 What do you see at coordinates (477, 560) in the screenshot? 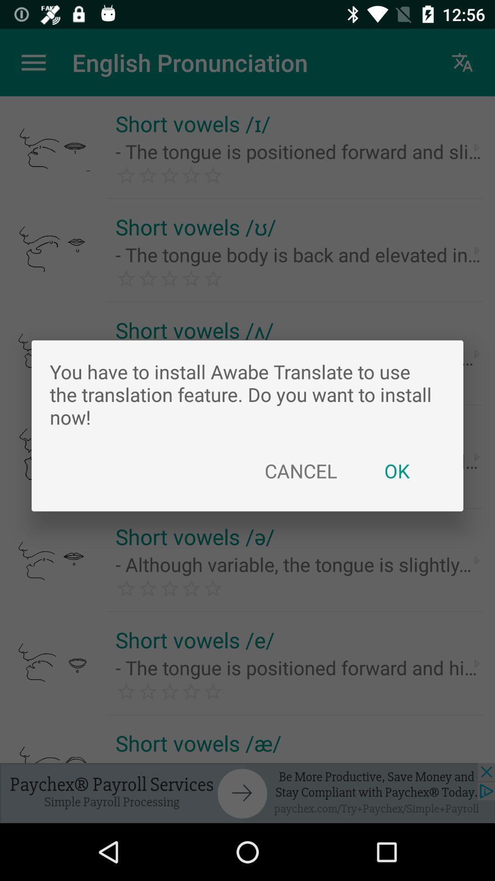
I see `the icon which is beside short vowels e` at bounding box center [477, 560].